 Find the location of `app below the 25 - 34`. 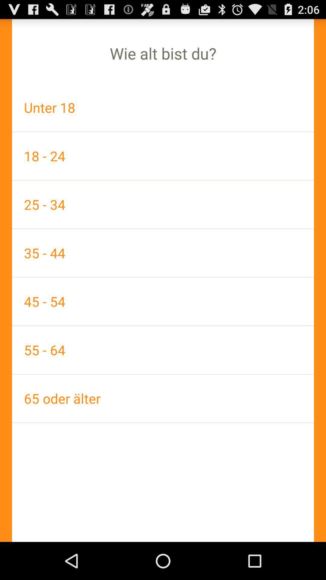

app below the 25 - 34 is located at coordinates (163, 253).